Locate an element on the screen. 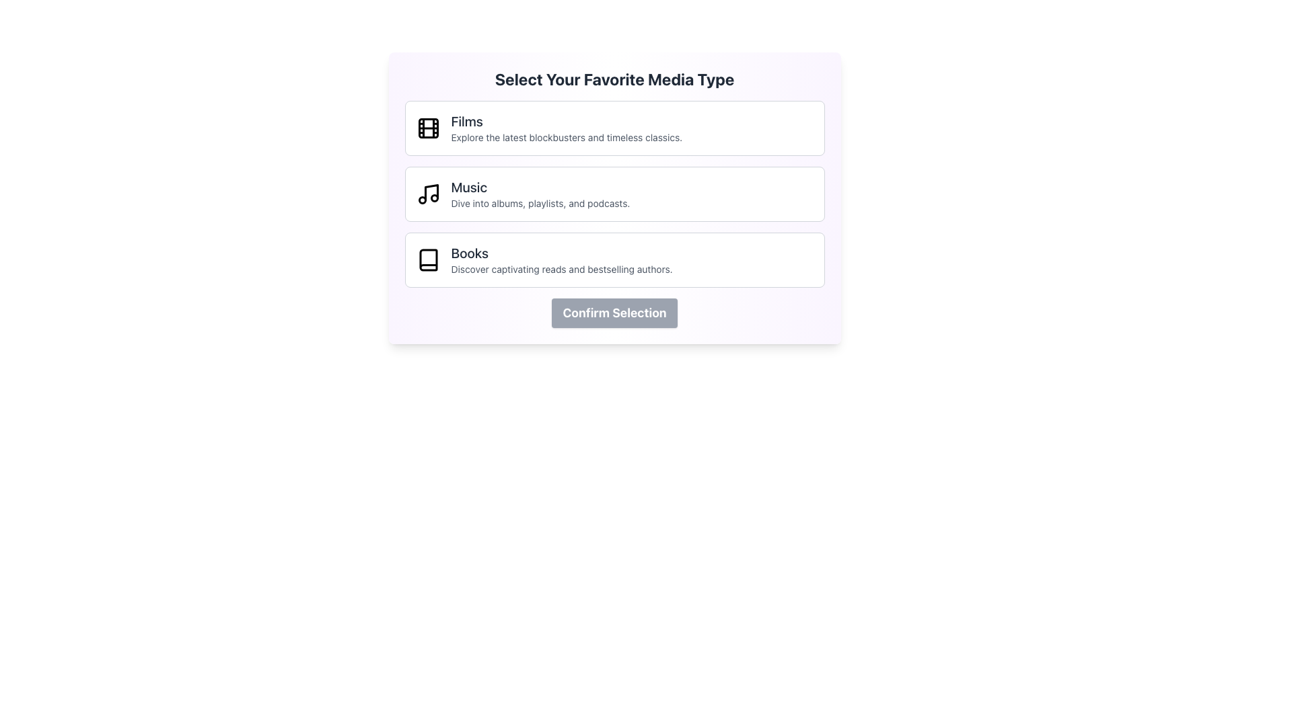  the Text Label (Styled Heading) that serves as the title for the media selection interface, positioned at the top of the card layout is located at coordinates (614, 79).